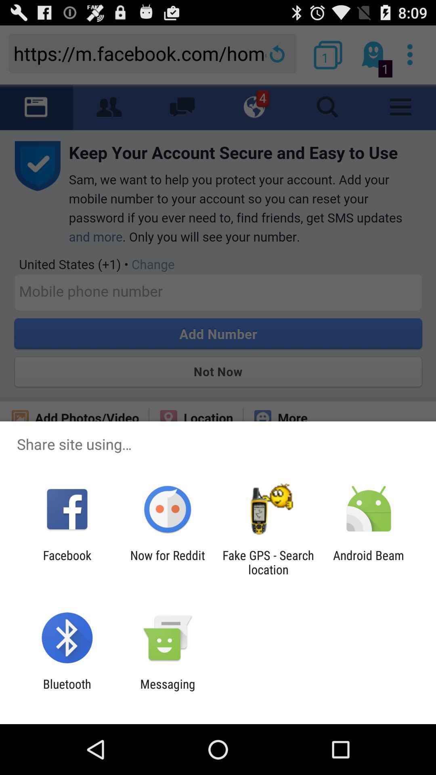 This screenshot has width=436, height=775. What do you see at coordinates (67, 562) in the screenshot?
I see `the app next to now for reddit` at bounding box center [67, 562].